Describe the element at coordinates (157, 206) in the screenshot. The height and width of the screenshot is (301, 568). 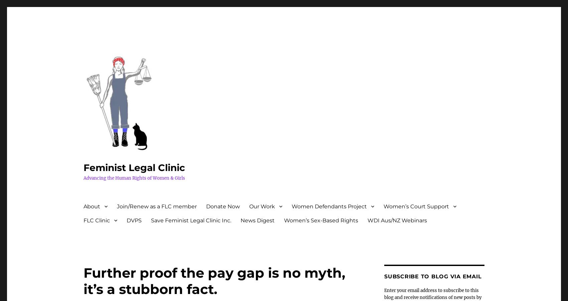
I see `'Join/Renew as a FLC member'` at that location.